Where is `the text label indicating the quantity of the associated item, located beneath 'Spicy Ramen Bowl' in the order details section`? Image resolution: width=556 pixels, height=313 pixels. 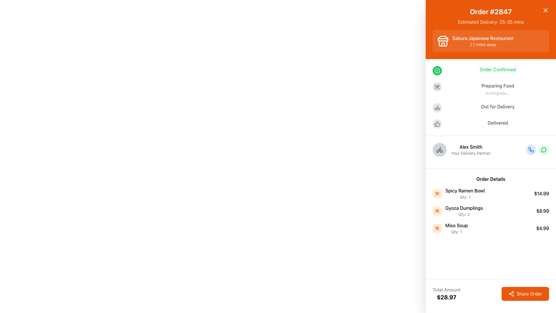
the text label indicating the quantity of the associated item, located beneath 'Spicy Ramen Bowl' in the order details section is located at coordinates (465, 196).